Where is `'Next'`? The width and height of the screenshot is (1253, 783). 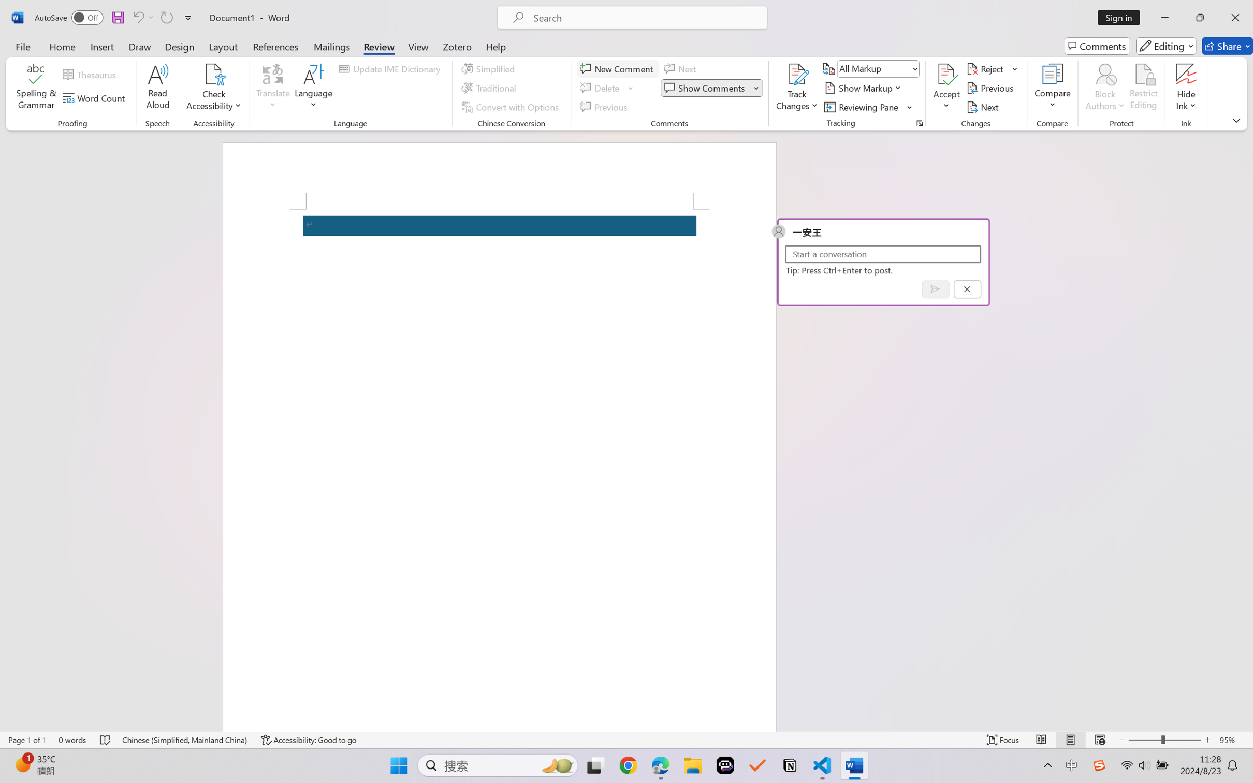 'Next' is located at coordinates (983, 107).